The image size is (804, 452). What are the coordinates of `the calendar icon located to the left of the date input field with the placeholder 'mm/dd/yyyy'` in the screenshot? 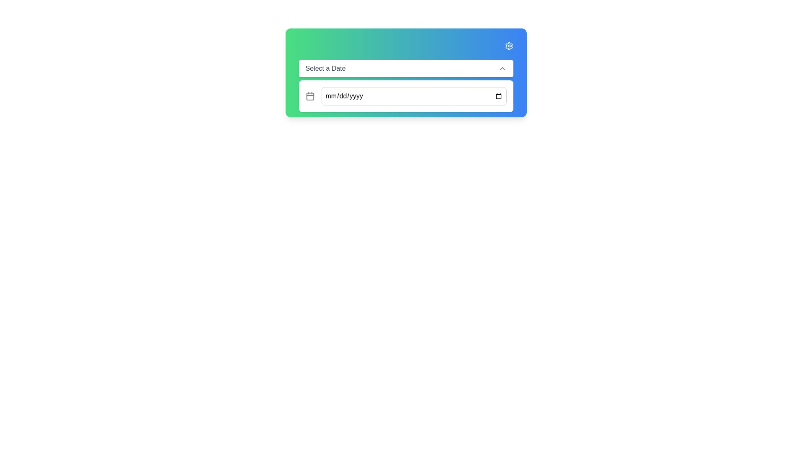 It's located at (309, 96).